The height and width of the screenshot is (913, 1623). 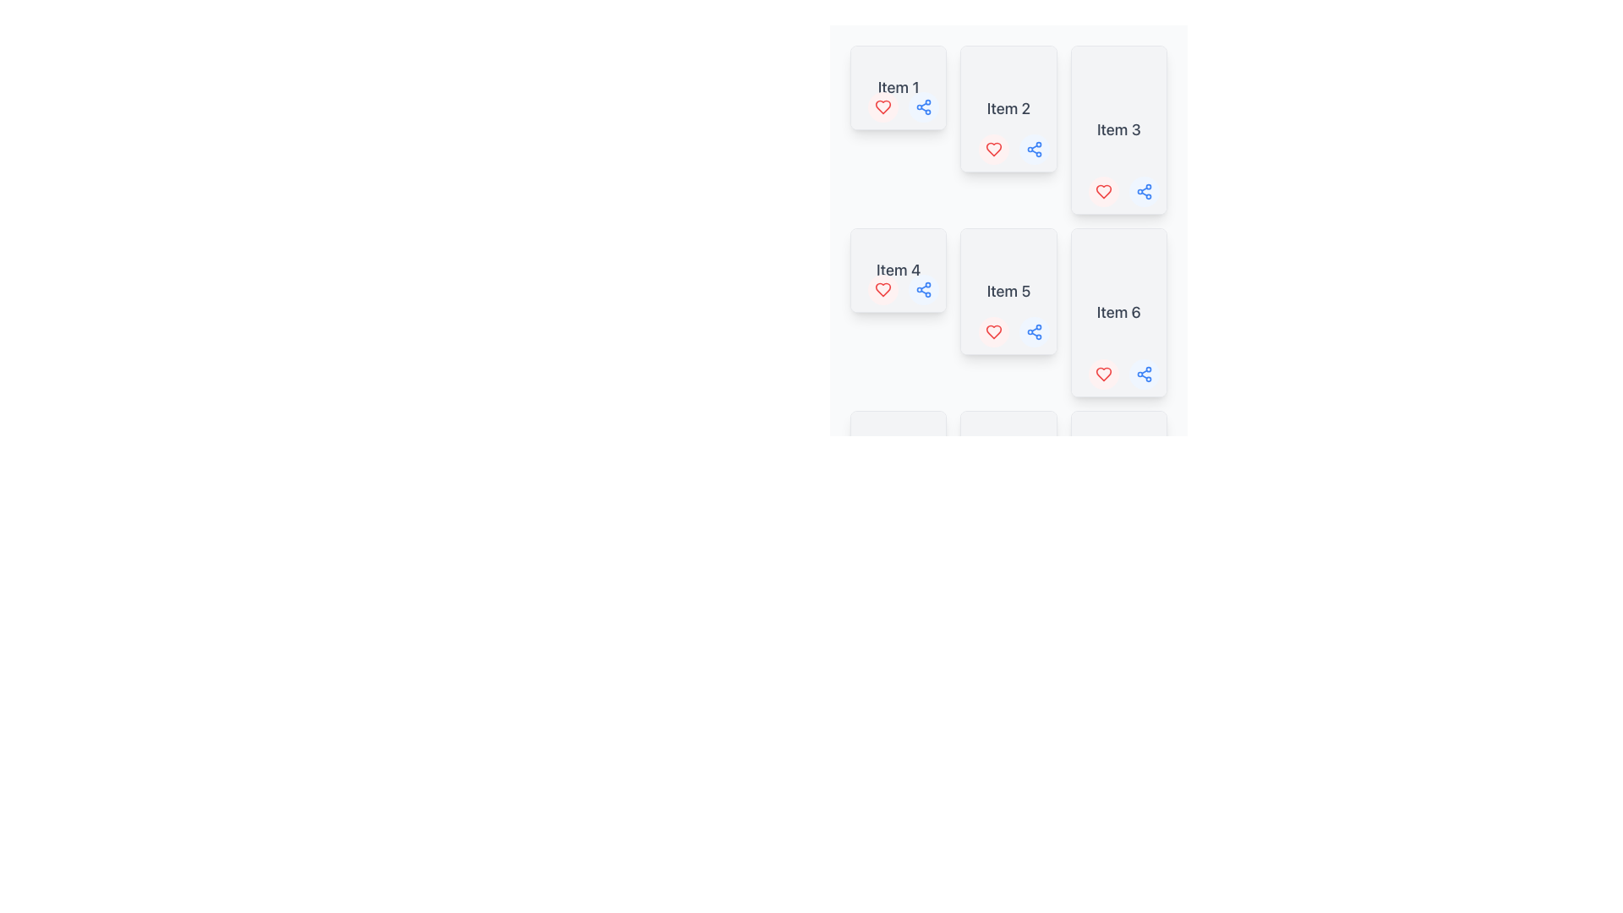 I want to click on the leftmost button in the group of buttons located in the bottom-right corner of the 'Item 1' card to indicate a like or favorite, so click(x=883, y=107).